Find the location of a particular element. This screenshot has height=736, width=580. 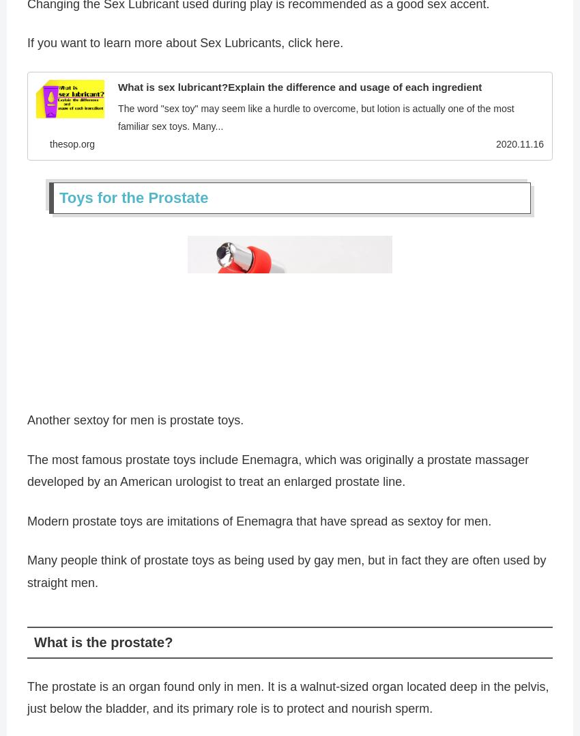

'The most famous prostate toys include Enemagra, which was originally a prostate massager developed by an American urologist to treat an enlarged prostate line.' is located at coordinates (278, 474).